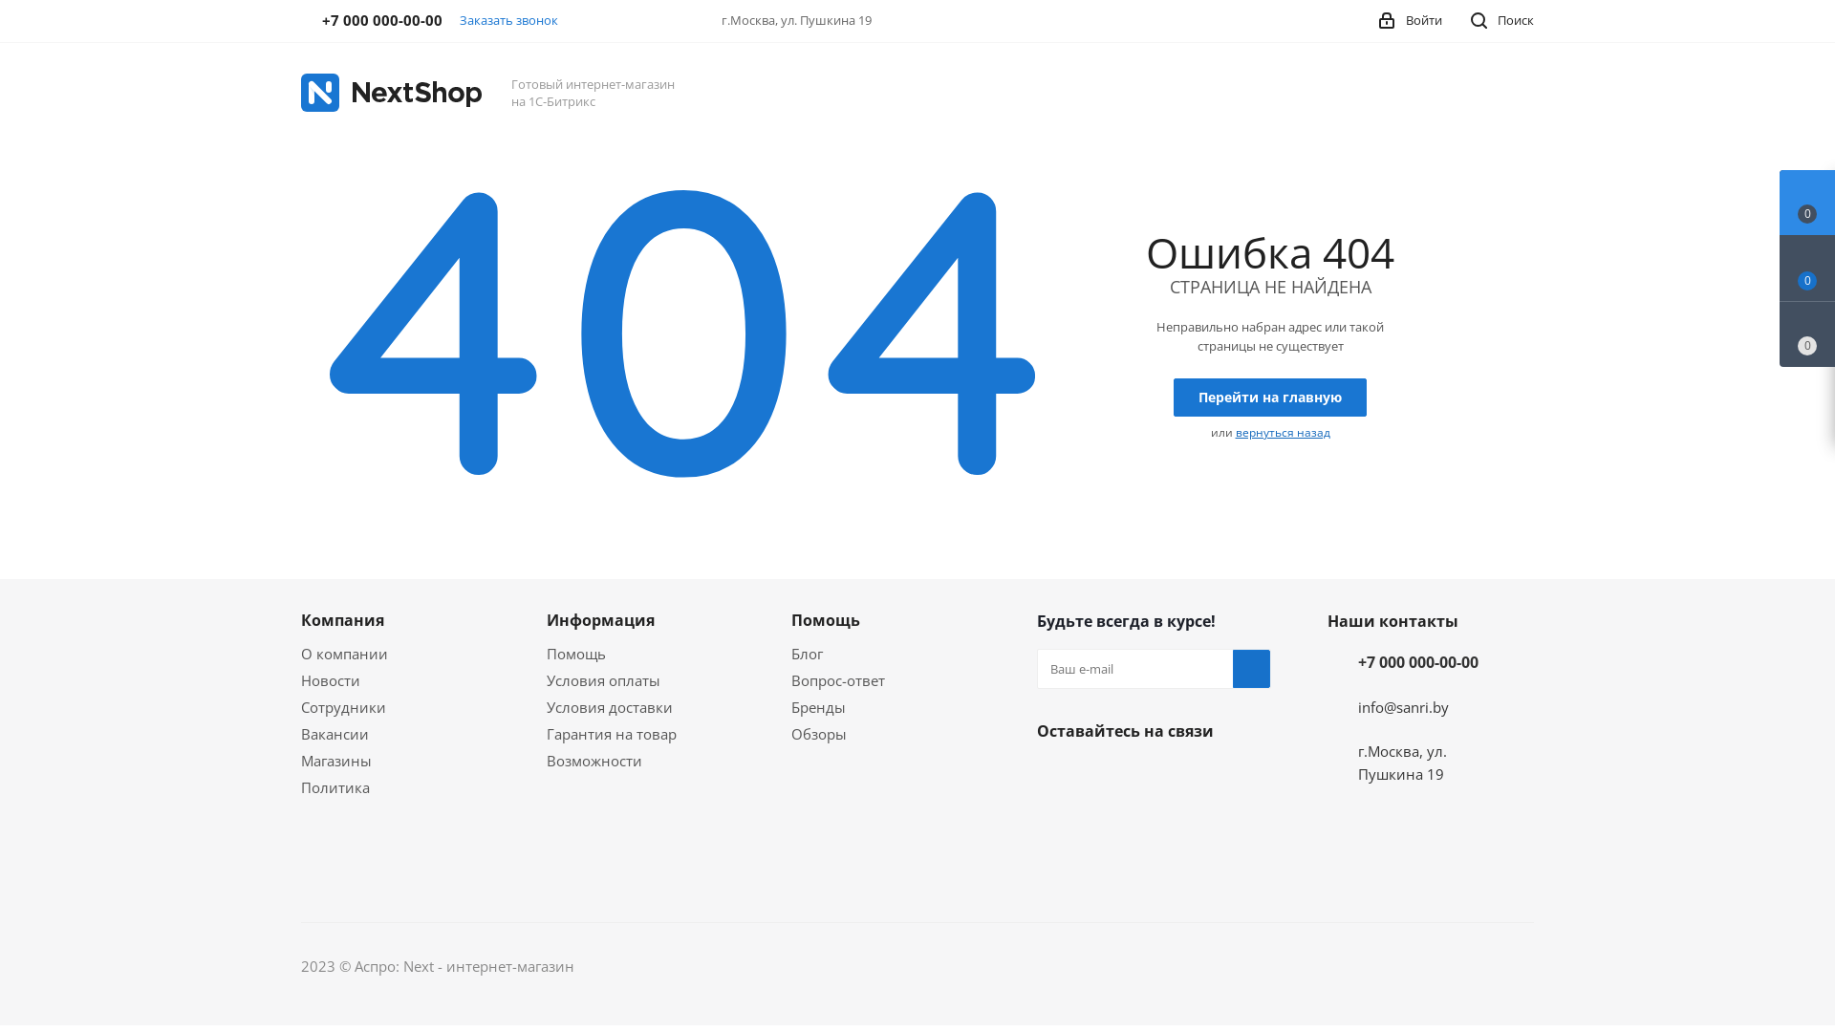 The height and width of the screenshot is (1032, 1835). I want to click on 'MasterCard', so click(1247, 966).